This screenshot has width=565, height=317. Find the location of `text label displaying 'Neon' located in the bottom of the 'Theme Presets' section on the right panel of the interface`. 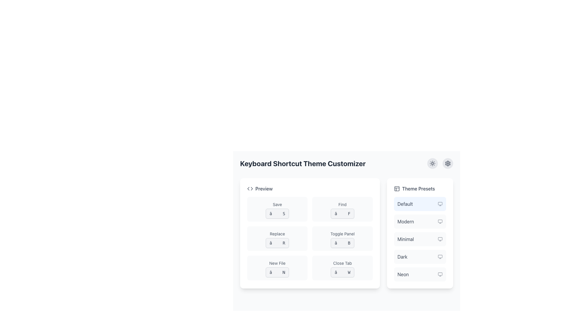

text label displaying 'Neon' located in the bottom of the 'Theme Presets' section on the right panel of the interface is located at coordinates (403, 274).